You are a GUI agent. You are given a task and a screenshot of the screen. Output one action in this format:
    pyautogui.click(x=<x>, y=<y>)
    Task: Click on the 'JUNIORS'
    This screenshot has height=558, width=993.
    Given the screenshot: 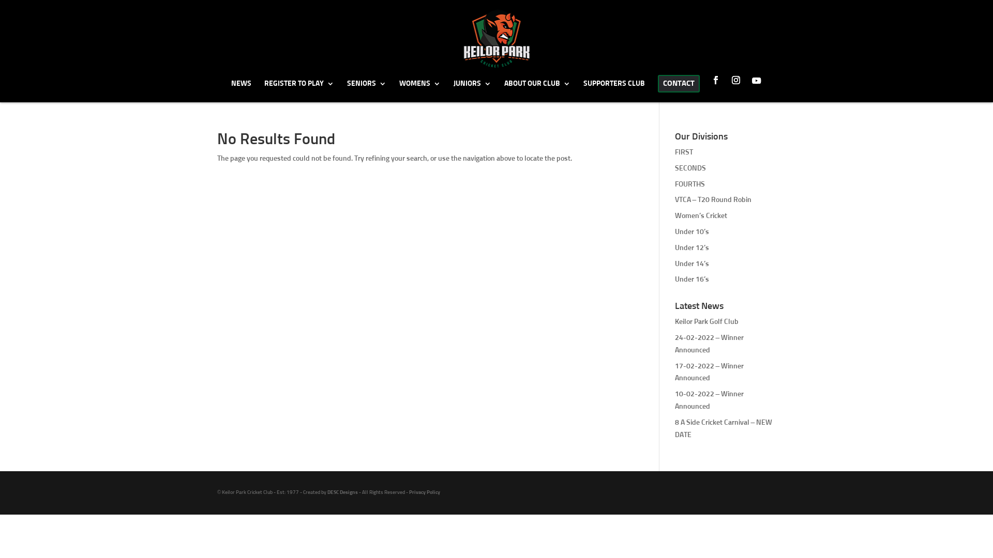 What is the action you would take?
    pyautogui.click(x=471, y=90)
    